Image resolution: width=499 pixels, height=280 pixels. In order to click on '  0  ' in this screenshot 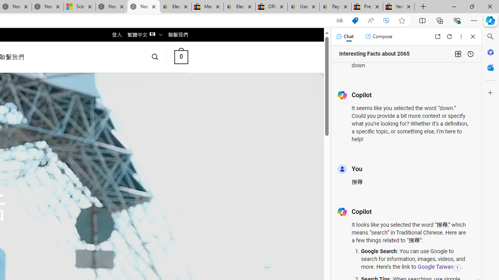, I will do `click(180, 56)`.